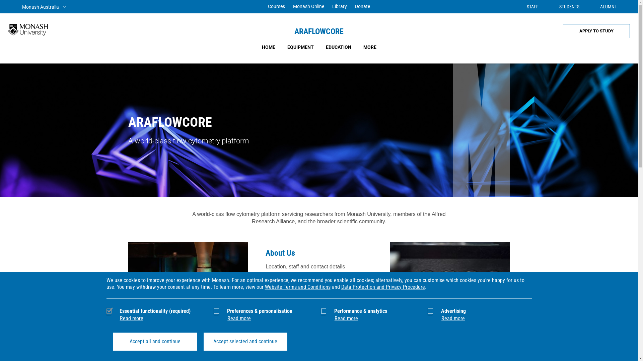 The width and height of the screenshot is (643, 361). What do you see at coordinates (154, 342) in the screenshot?
I see `'Accept all and continue'` at bounding box center [154, 342].